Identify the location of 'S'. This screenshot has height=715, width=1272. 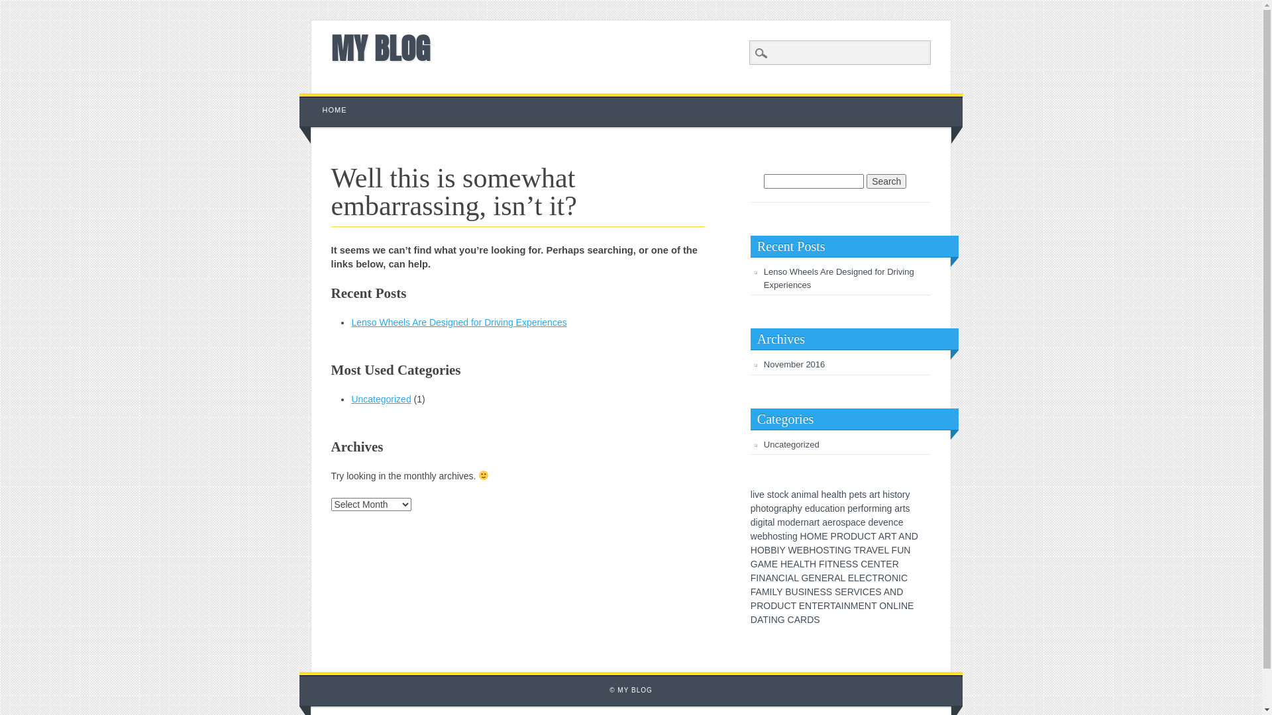
(828, 591).